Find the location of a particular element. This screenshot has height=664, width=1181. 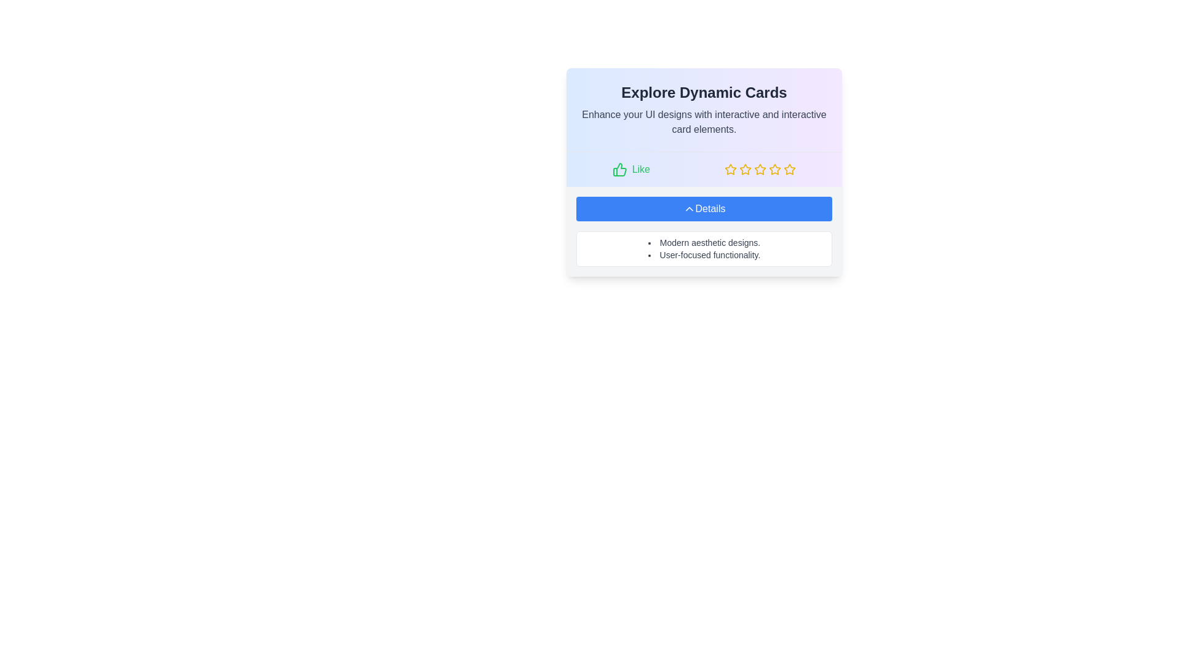

the Text List located within the white card at the bottom section, below the blue 'Details' button is located at coordinates (704, 249).